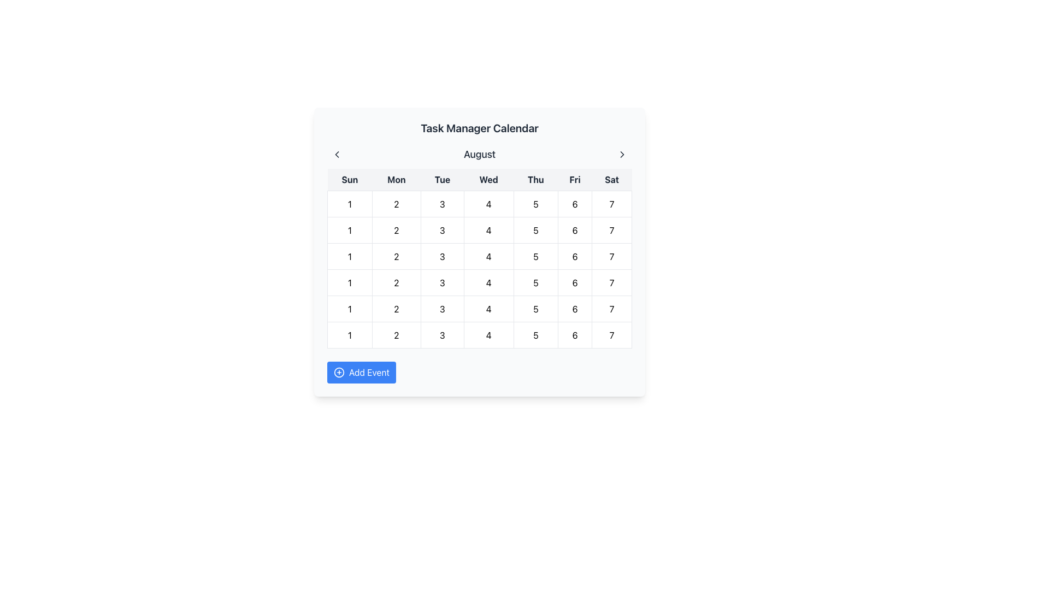 The width and height of the screenshot is (1049, 590). What do you see at coordinates (396, 256) in the screenshot?
I see `the calendar cell containing the number '2' located in the second column and first row` at bounding box center [396, 256].